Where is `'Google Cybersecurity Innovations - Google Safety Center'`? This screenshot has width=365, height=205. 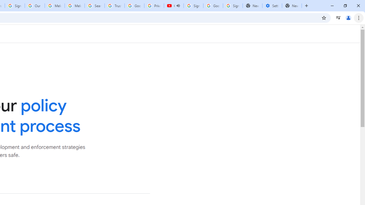
'Google Cybersecurity Innovations - Google Safety Center' is located at coordinates (213, 6).